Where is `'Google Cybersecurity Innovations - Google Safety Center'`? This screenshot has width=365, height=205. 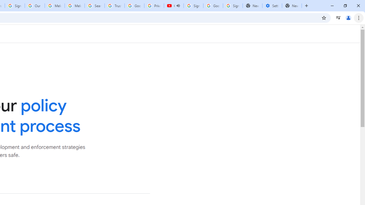
'Google Cybersecurity Innovations - Google Safety Center' is located at coordinates (213, 6).